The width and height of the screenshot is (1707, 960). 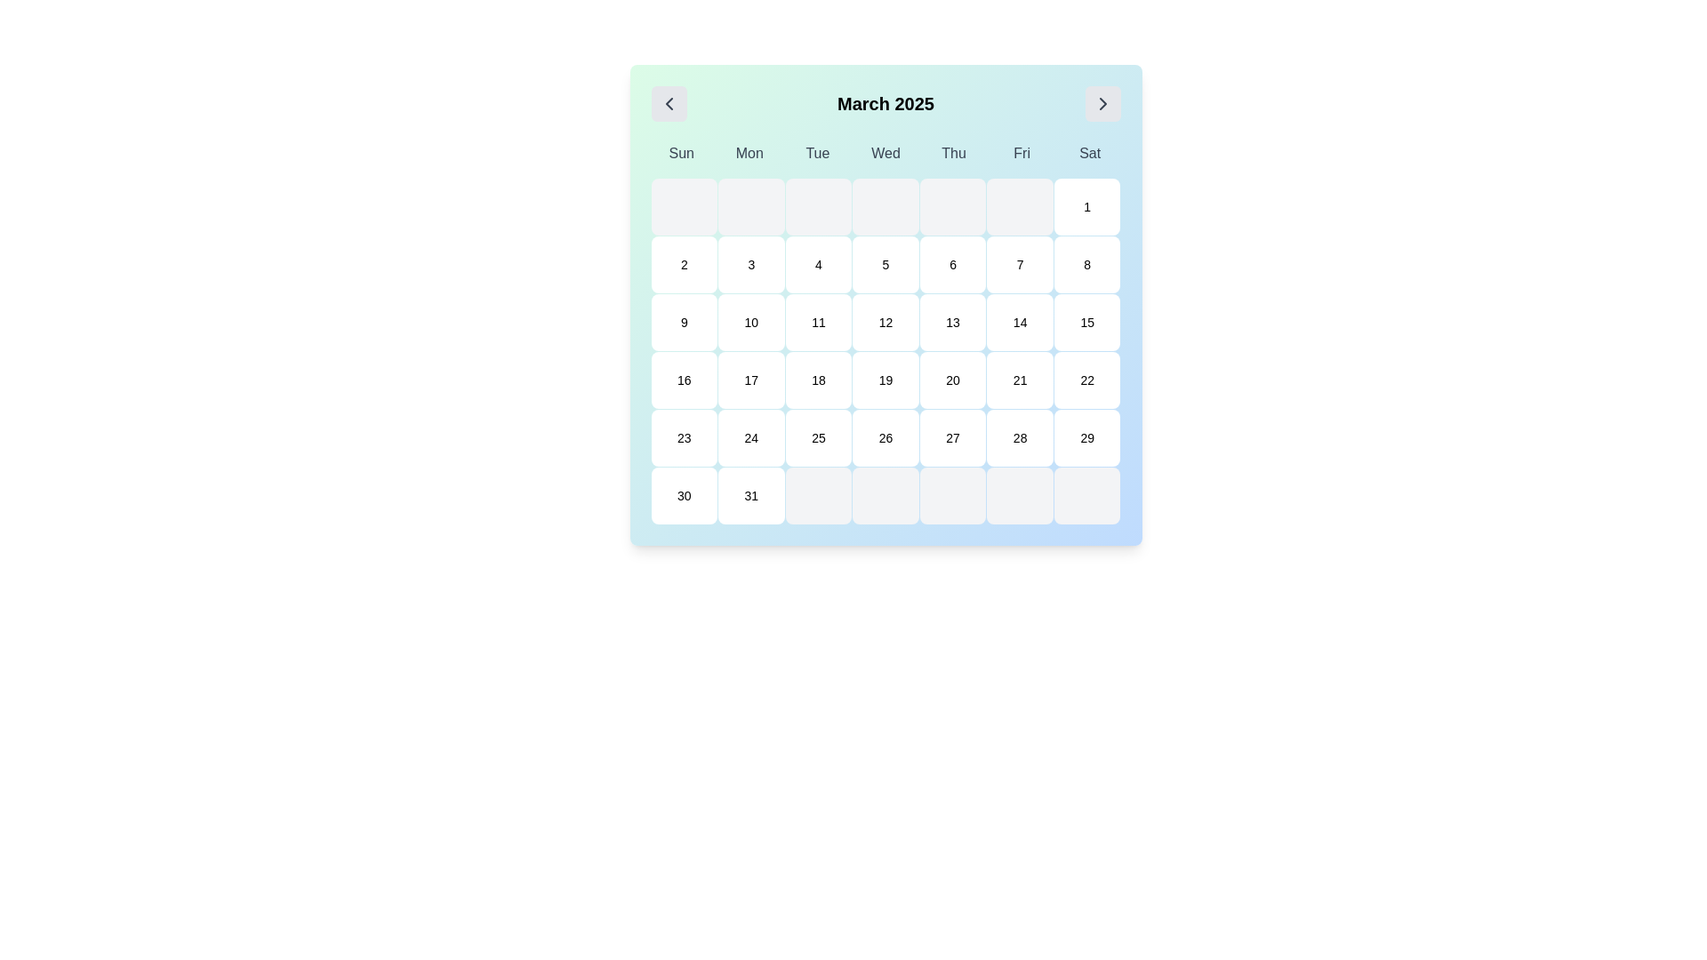 I want to click on the button representing the first day of the week (Saturday) in the calendar, so click(x=1086, y=205).